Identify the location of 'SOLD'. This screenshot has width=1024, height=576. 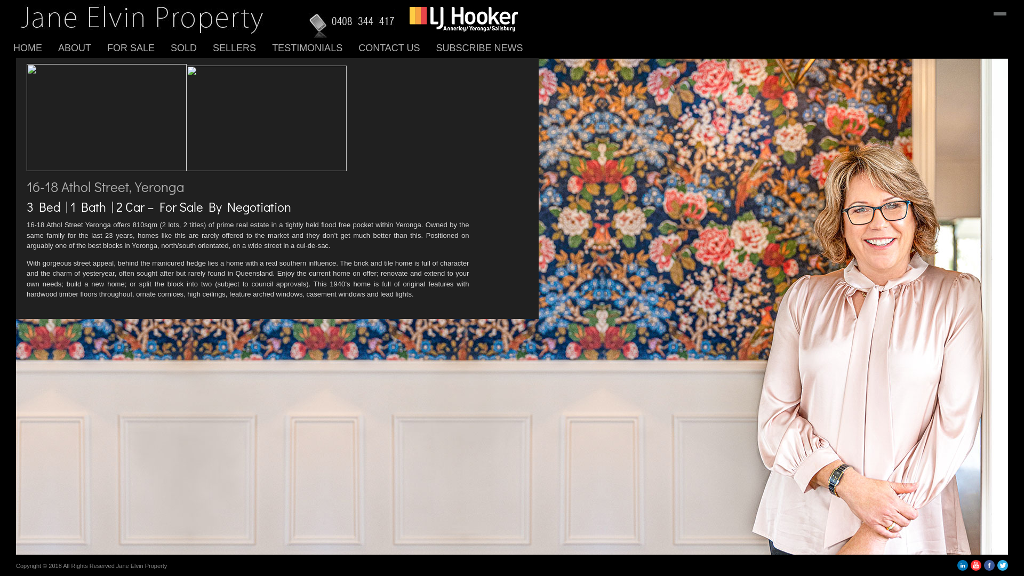
(171, 47).